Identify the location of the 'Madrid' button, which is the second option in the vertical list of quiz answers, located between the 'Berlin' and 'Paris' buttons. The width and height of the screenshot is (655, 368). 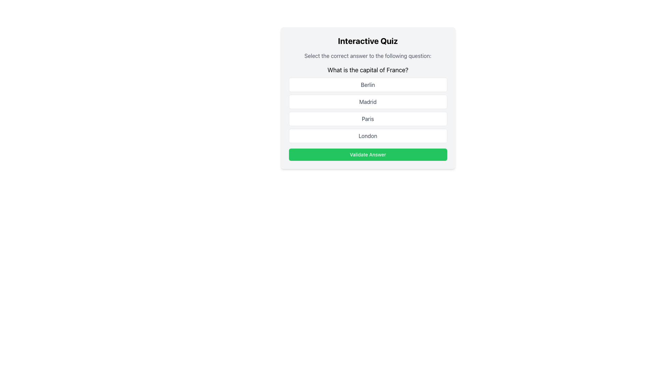
(367, 102).